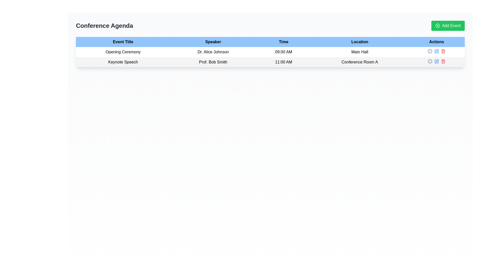 This screenshot has width=486, height=273. I want to click on the Table Header element that categorizes data under the 'Location' column, positioned between the 'Time' and 'Actions' headers, so click(359, 41).